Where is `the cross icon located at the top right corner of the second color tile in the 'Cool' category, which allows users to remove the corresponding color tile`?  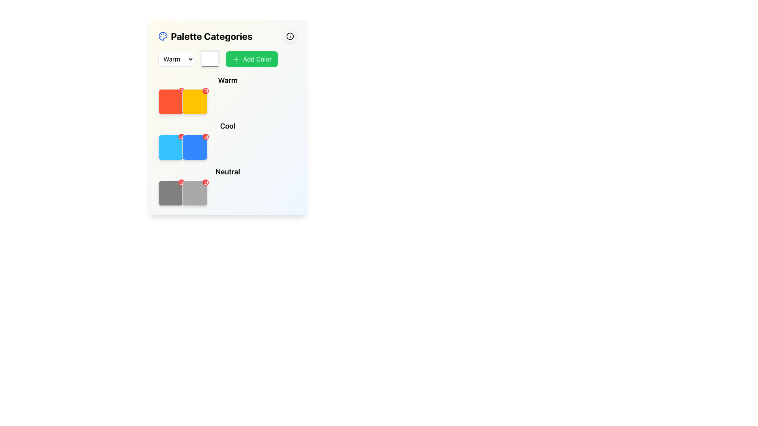
the cross icon located at the top right corner of the second color tile in the 'Cool' category, which allows users to remove the corresponding color tile is located at coordinates (206, 136).